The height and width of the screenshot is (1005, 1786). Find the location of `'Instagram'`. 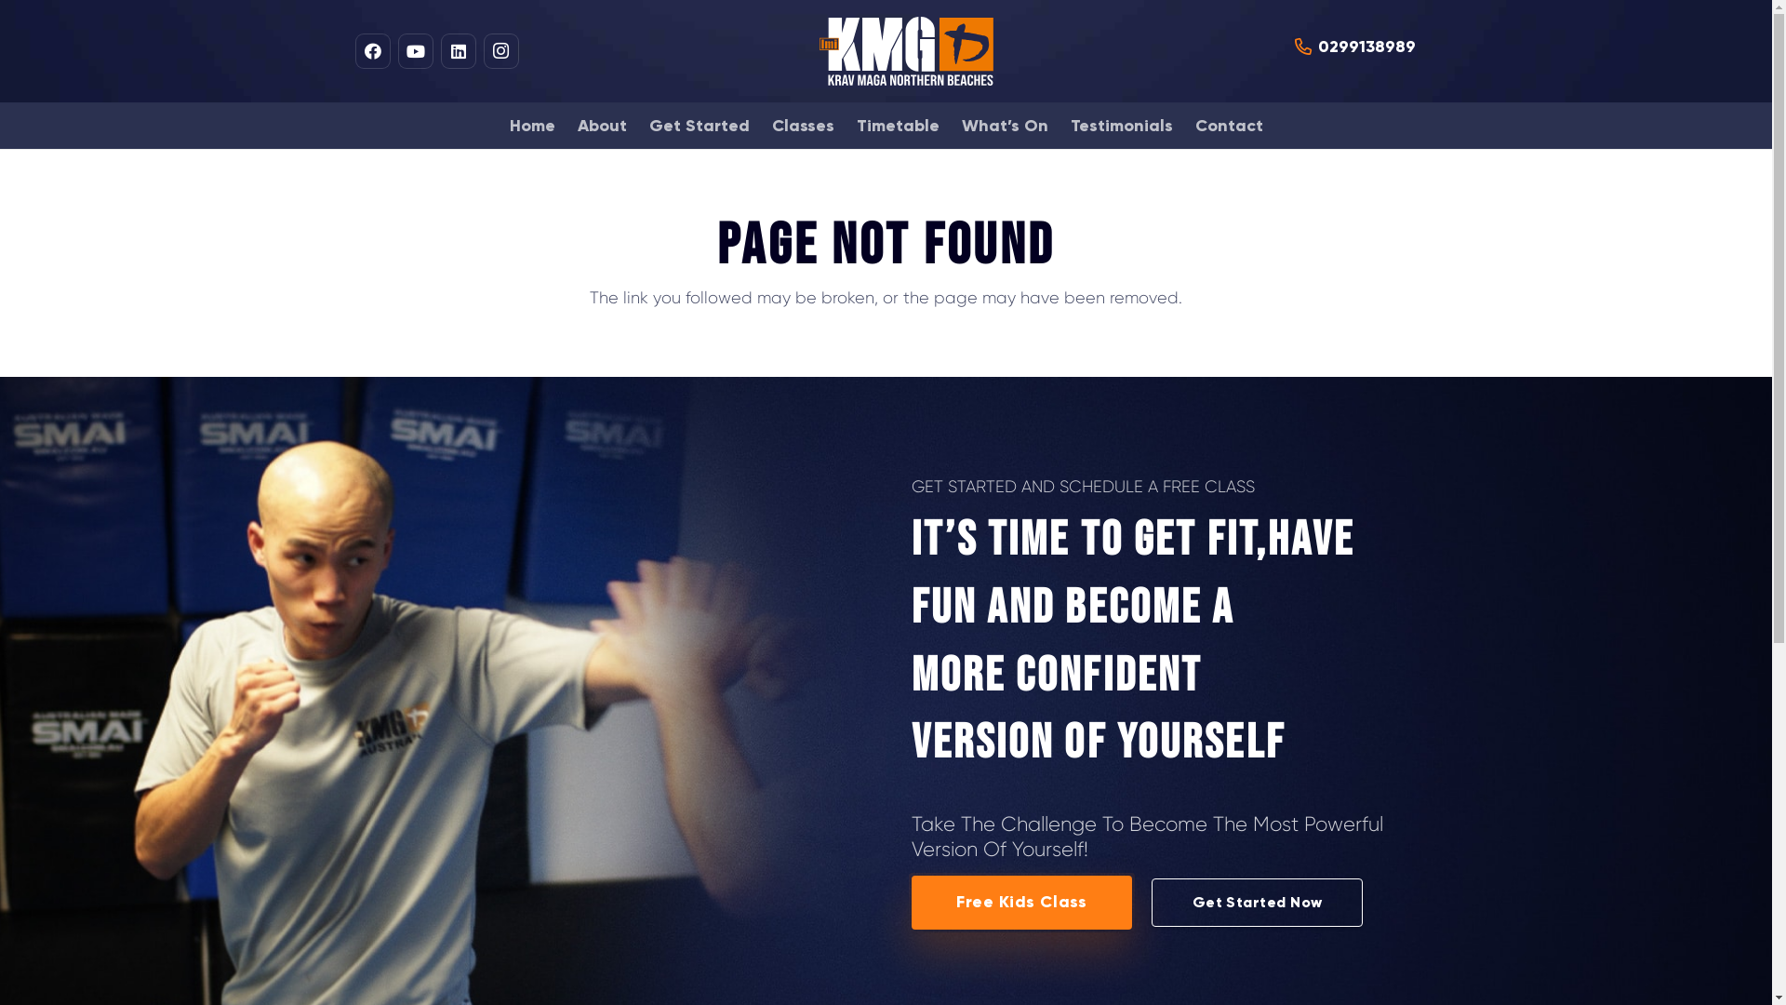

'Instagram' is located at coordinates (500, 49).